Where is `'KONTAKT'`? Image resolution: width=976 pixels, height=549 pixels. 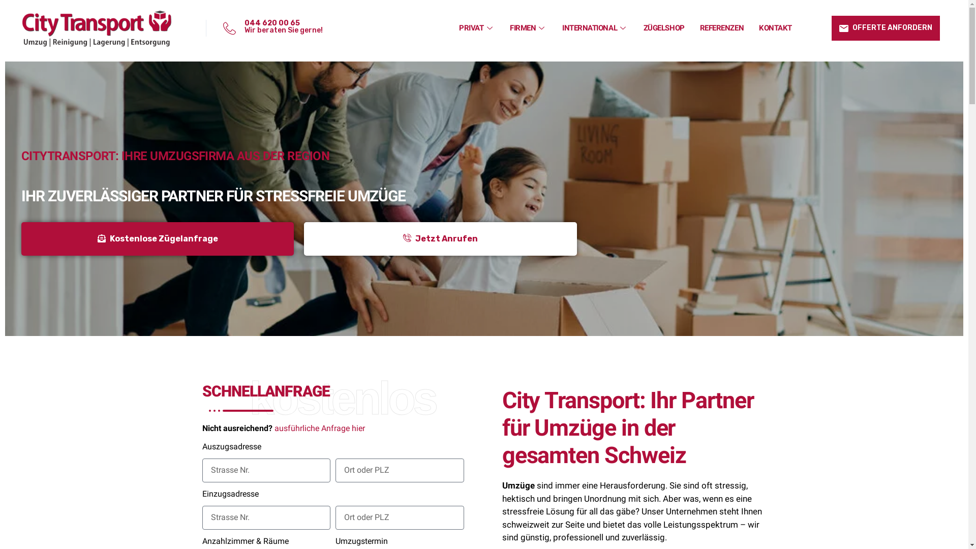
'KONTAKT' is located at coordinates (775, 27).